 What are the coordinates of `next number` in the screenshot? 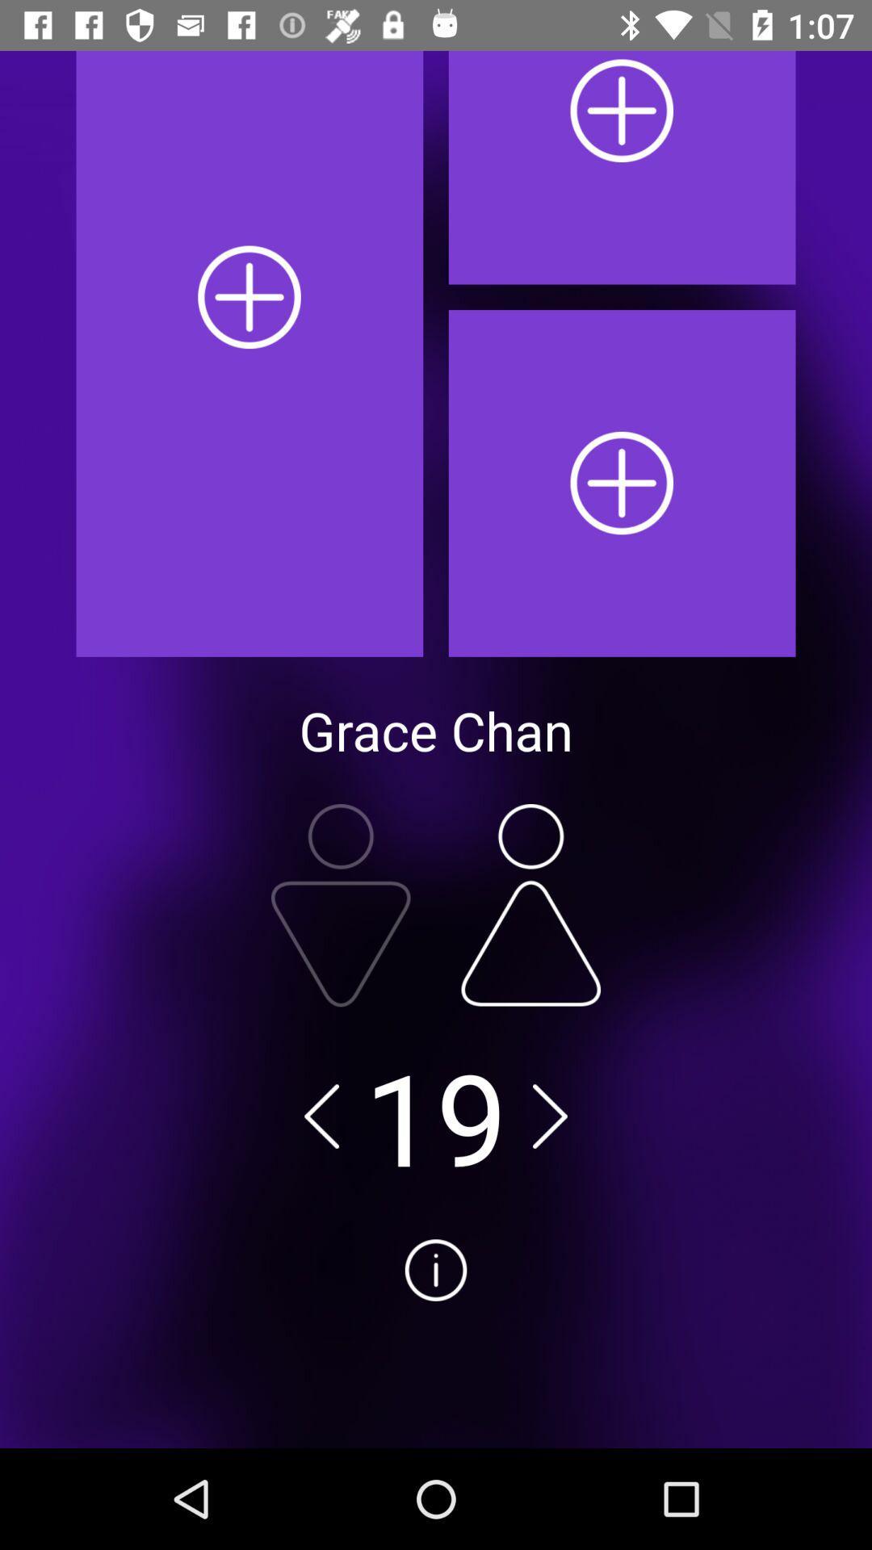 It's located at (549, 1115).